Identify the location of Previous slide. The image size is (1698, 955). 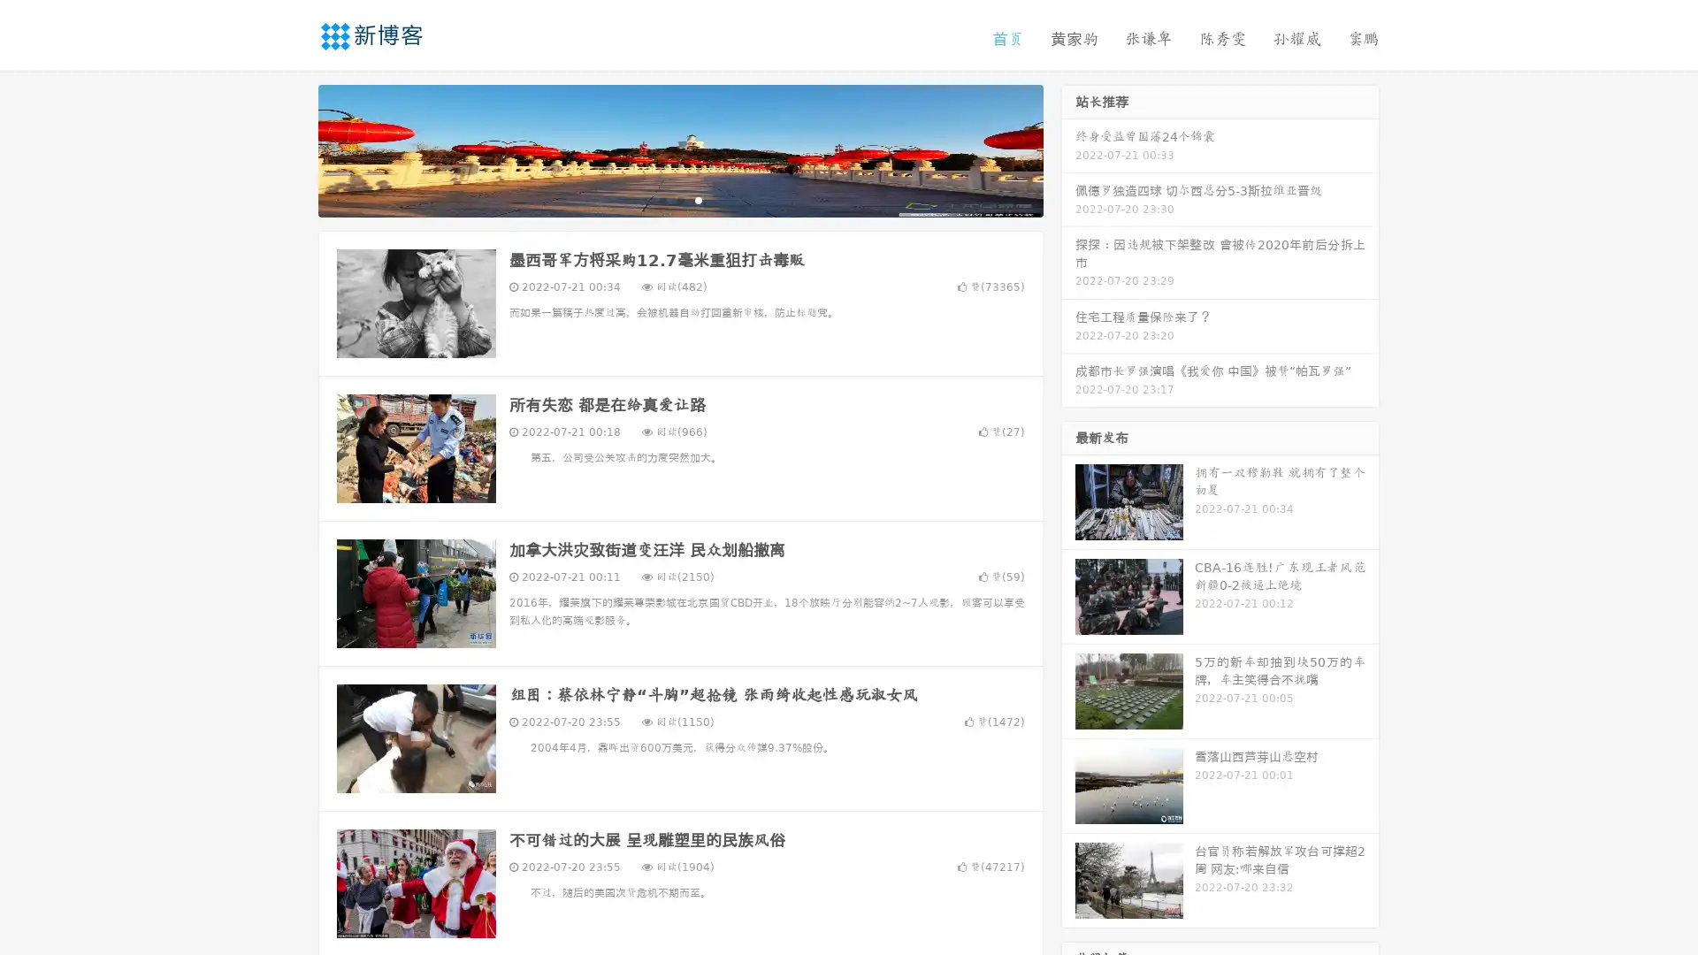
(292, 149).